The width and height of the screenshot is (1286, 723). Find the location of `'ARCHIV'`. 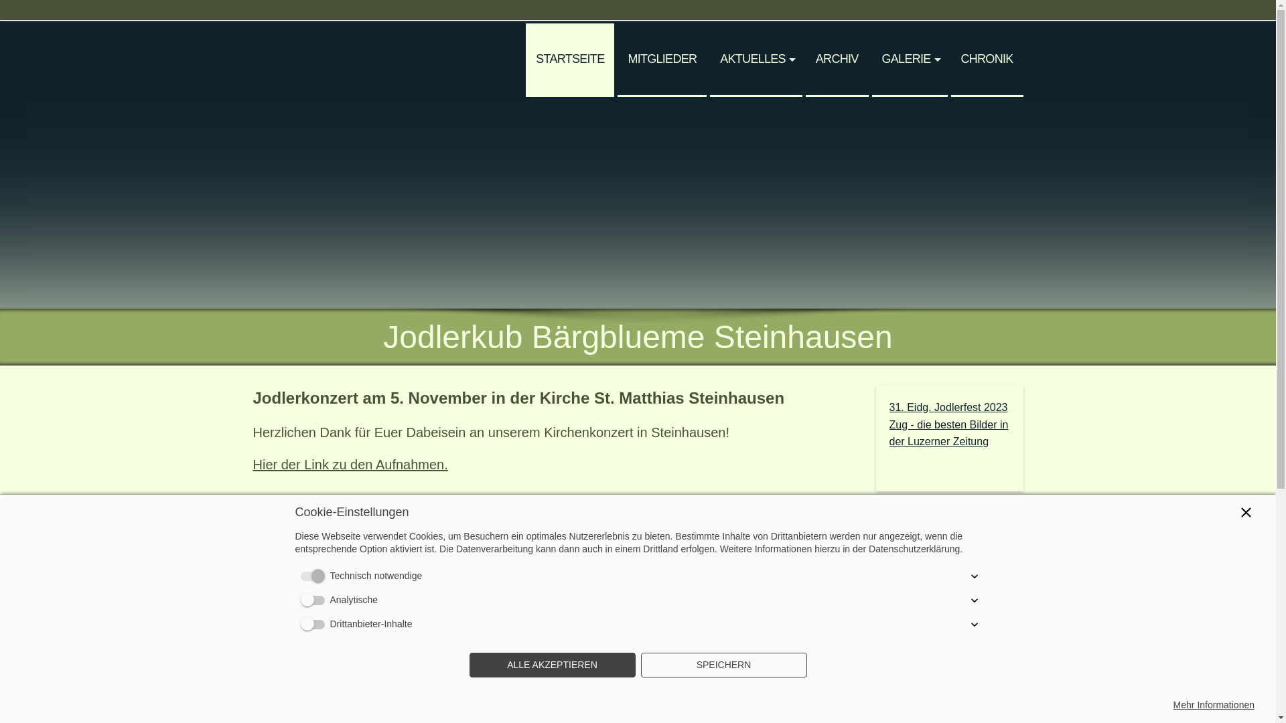

'ARCHIV' is located at coordinates (836, 59).